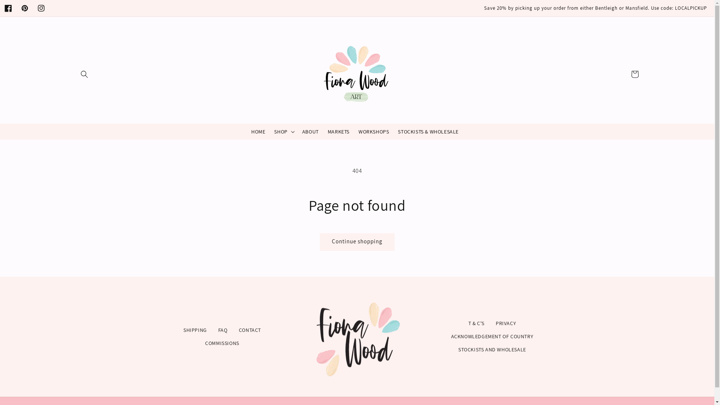  I want to click on 'ABOUT', so click(297, 131).